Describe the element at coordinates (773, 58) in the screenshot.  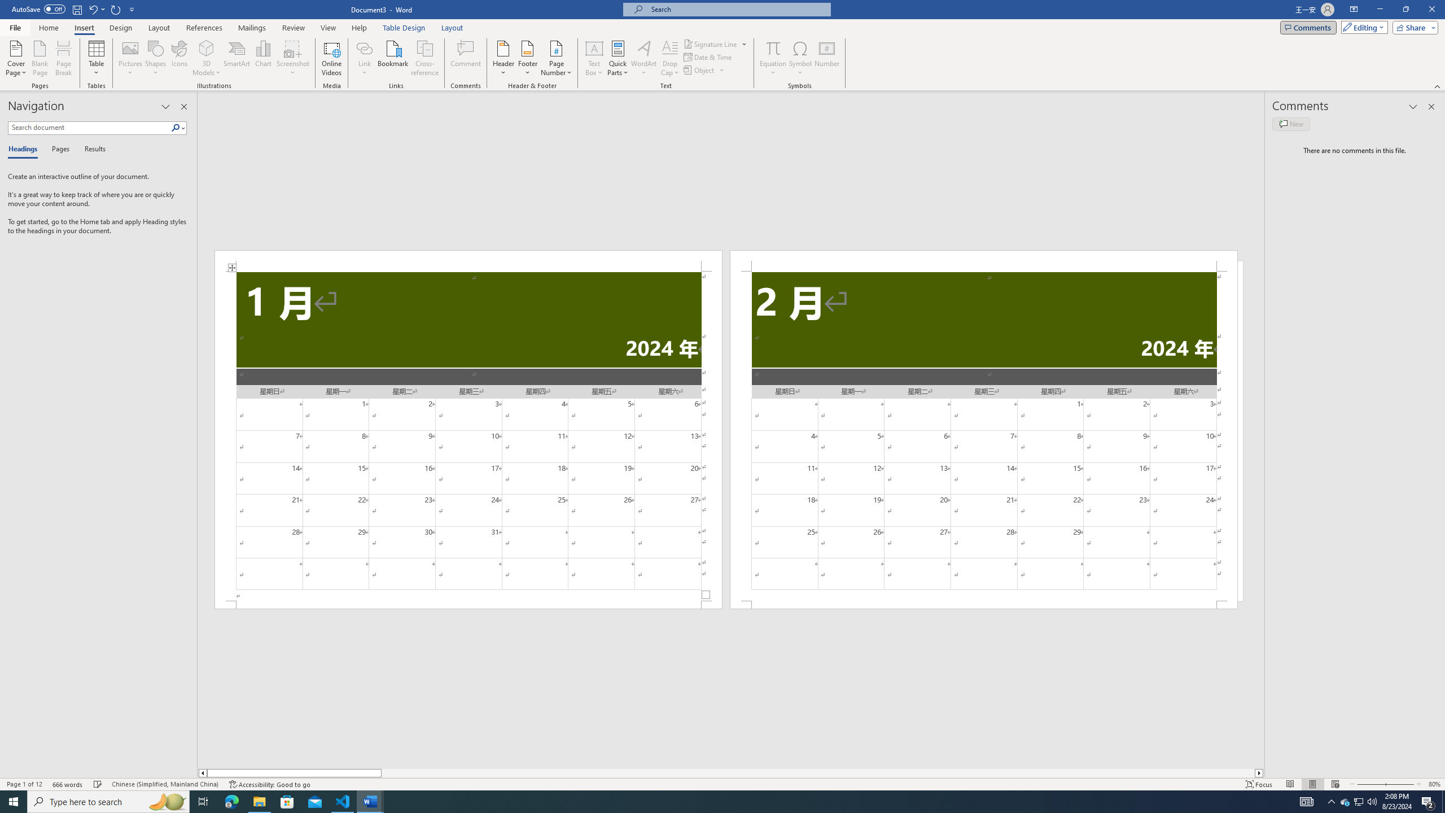
I see `'Equation'` at that location.